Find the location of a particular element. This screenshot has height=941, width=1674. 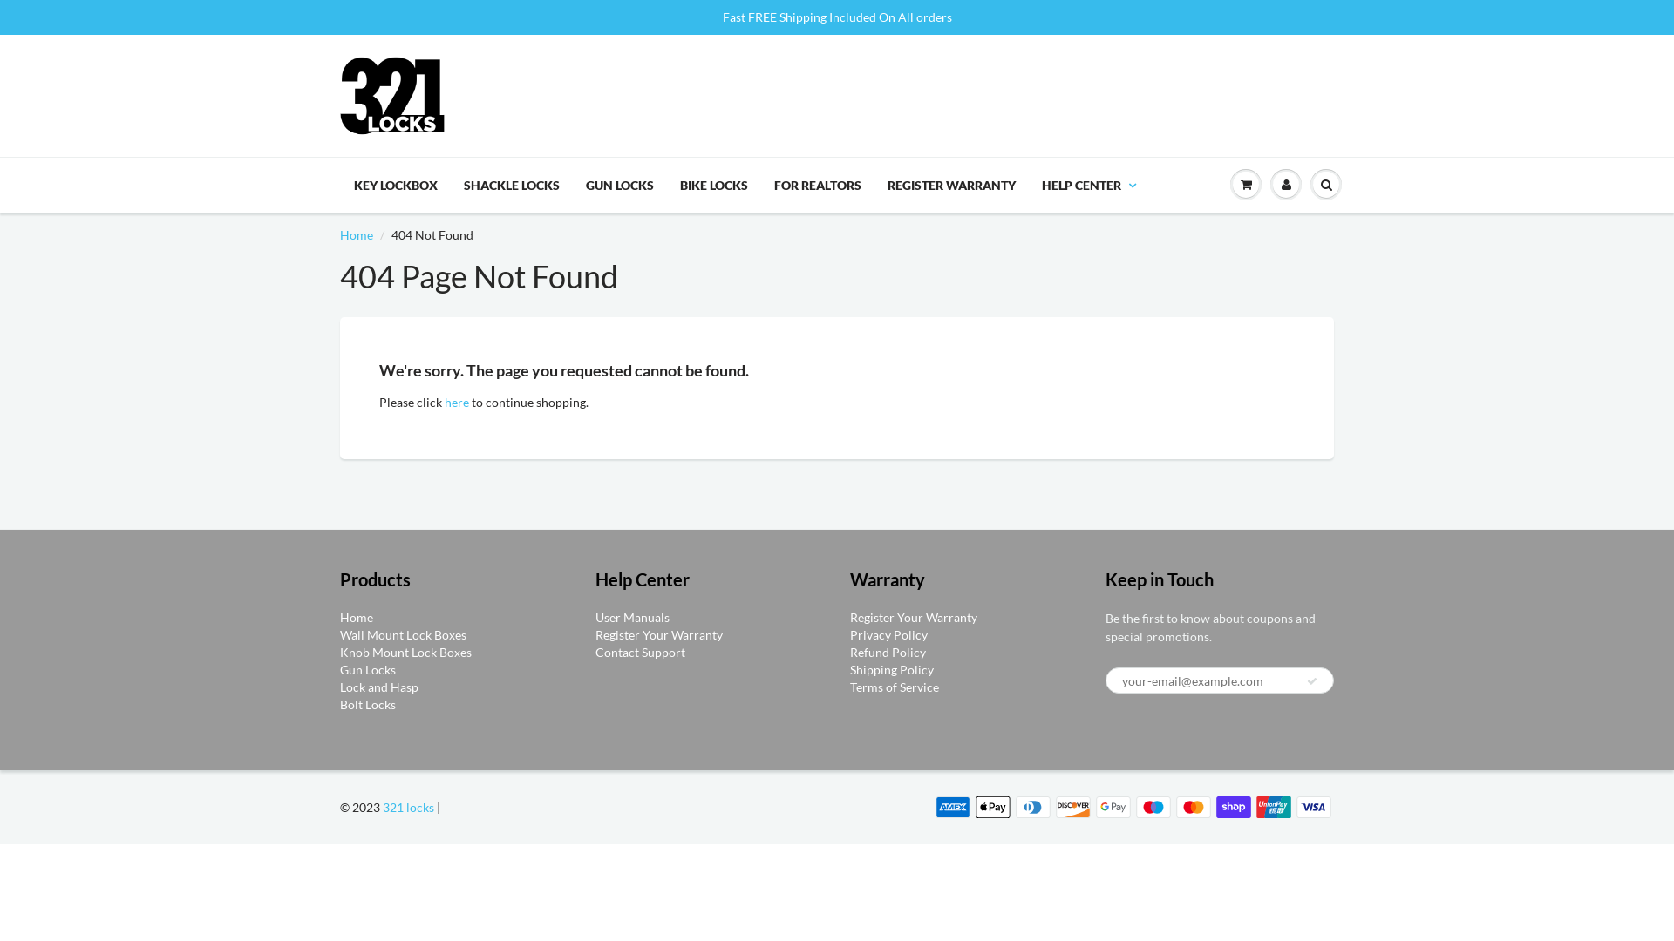

'Knob Mount Lock Boxes' is located at coordinates (405, 652).